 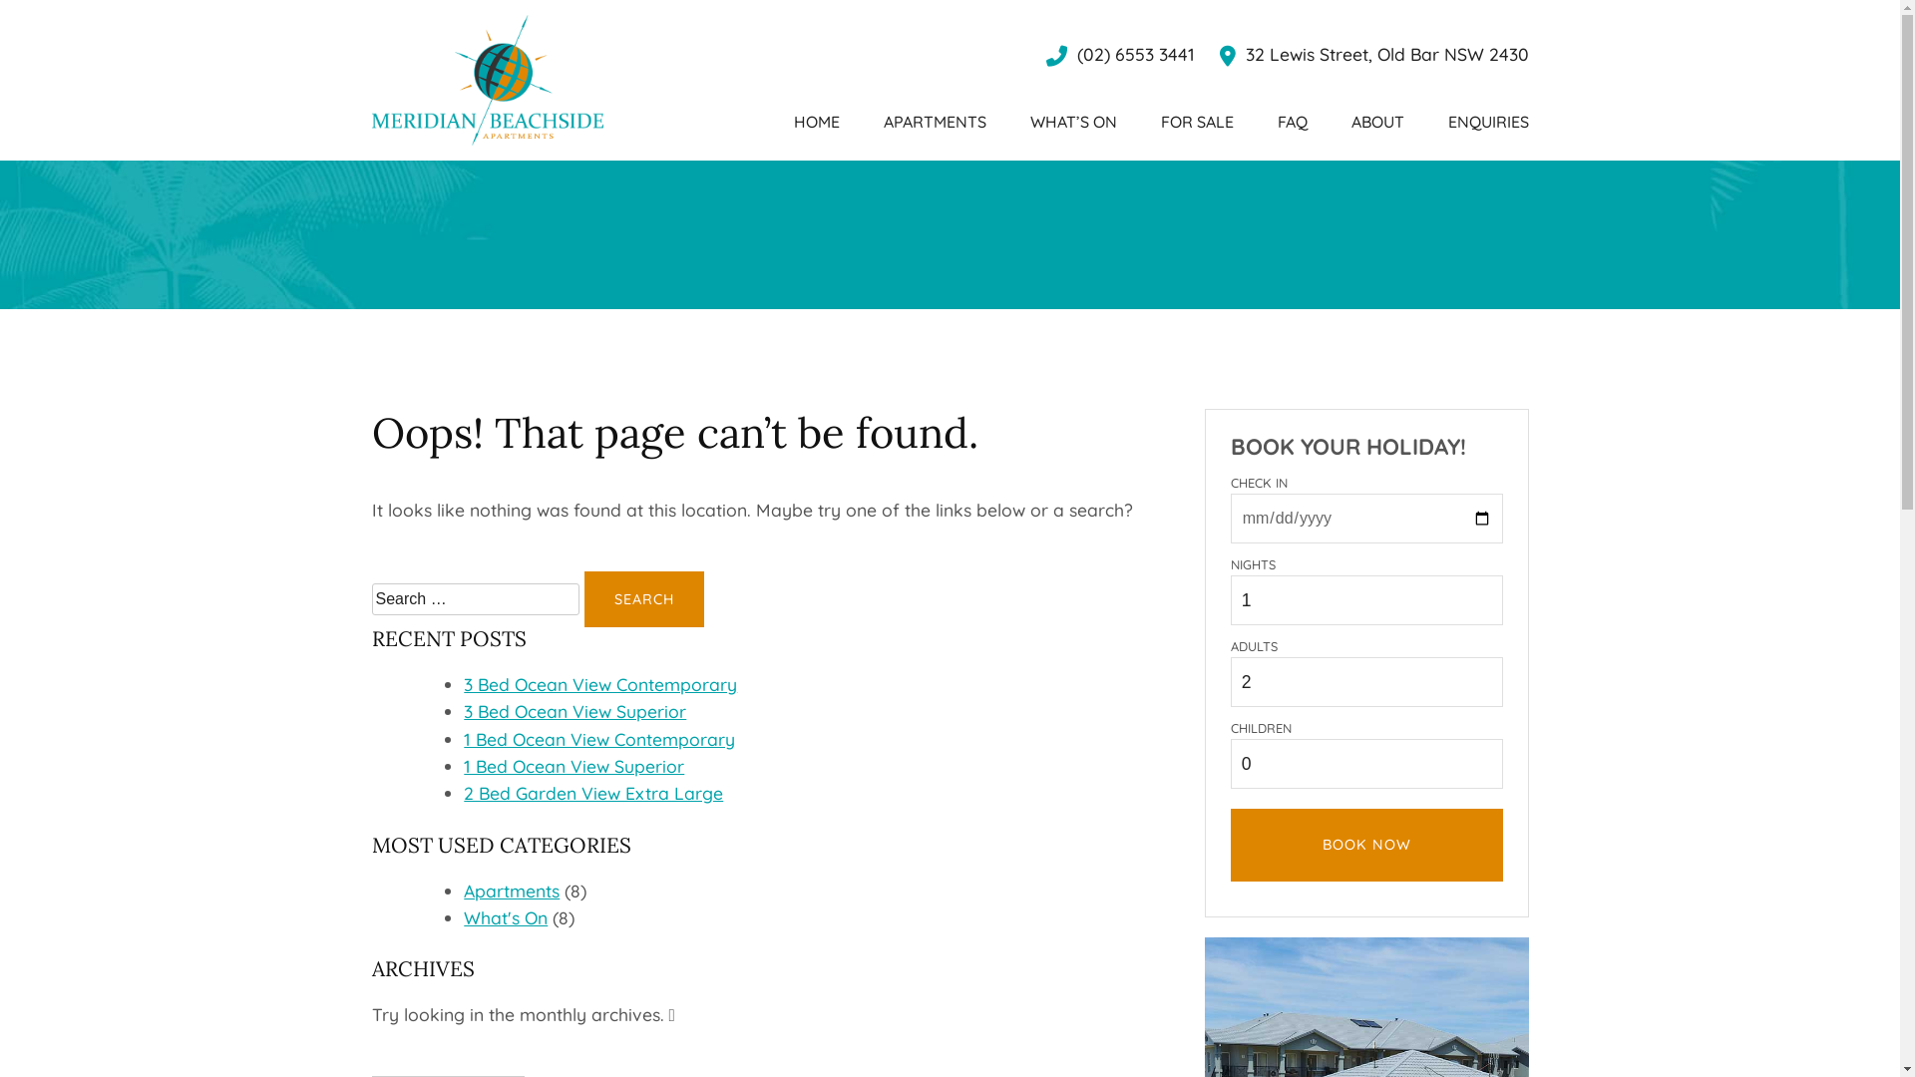 I want to click on 'FOR SALE', so click(x=1197, y=122).